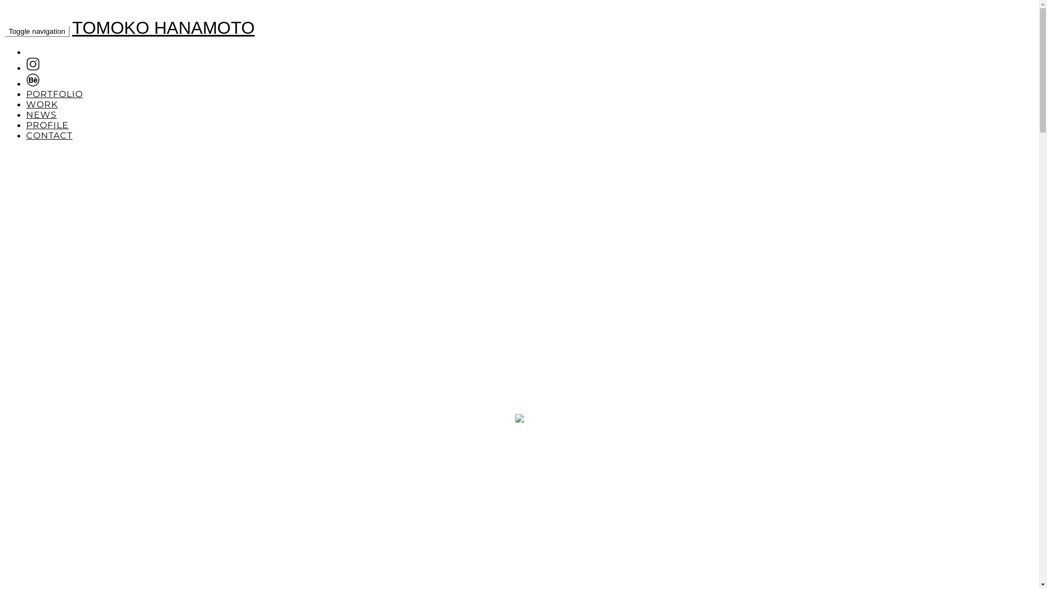 The image size is (1047, 589). What do you see at coordinates (46, 124) in the screenshot?
I see `'PROFILE'` at bounding box center [46, 124].